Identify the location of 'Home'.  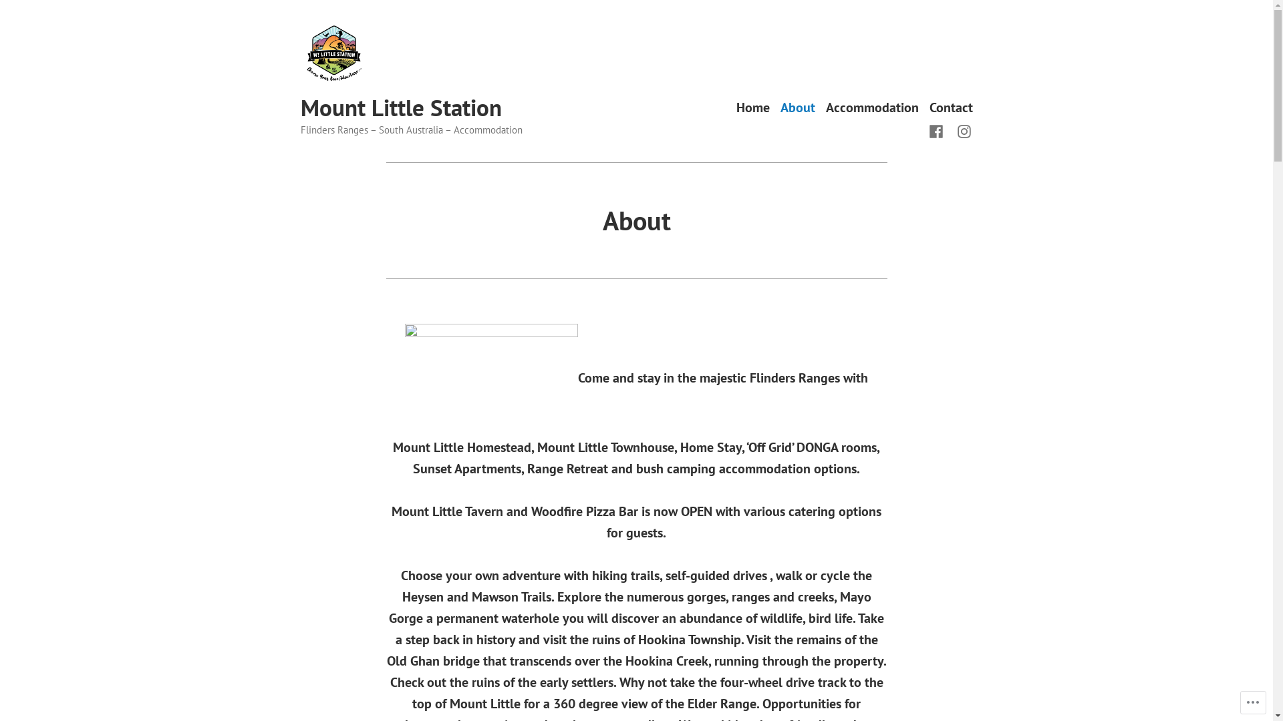
(753, 107).